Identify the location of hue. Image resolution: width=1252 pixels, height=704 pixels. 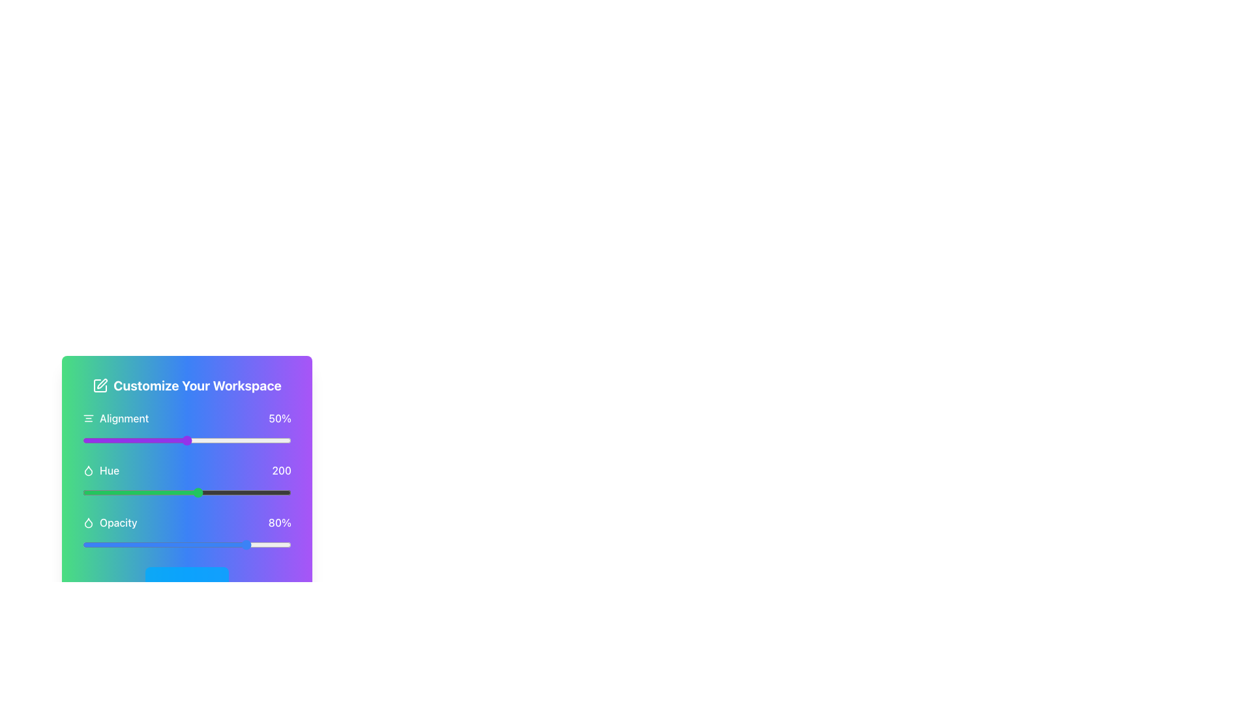
(113, 493).